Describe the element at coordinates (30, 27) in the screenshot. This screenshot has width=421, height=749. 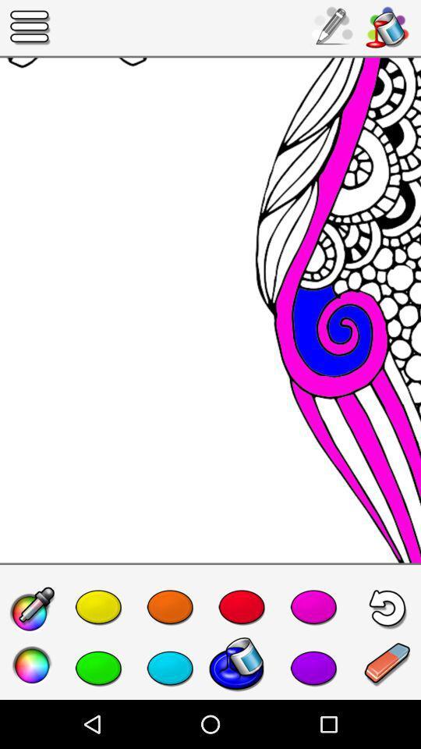
I see `the icon at the top left corner` at that location.